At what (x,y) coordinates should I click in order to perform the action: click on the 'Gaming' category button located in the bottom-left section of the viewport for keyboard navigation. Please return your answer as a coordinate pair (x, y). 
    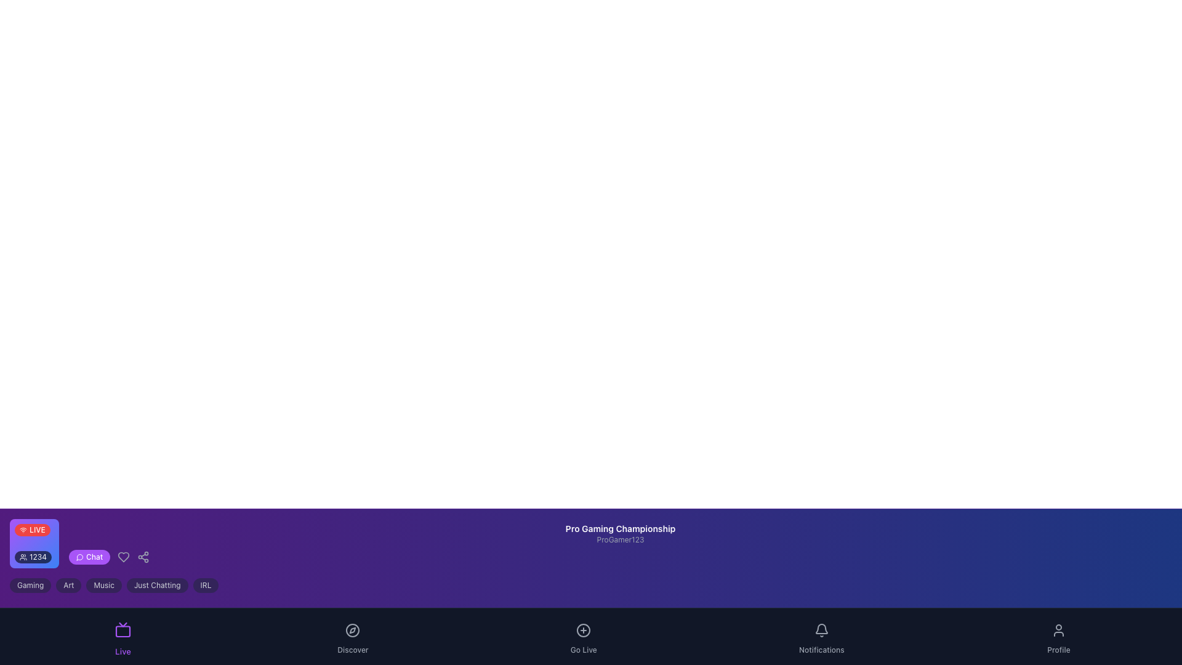
    Looking at the image, I should click on (30, 585).